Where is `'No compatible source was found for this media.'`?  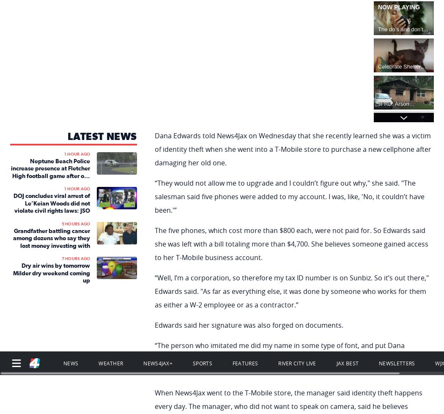 'No compatible source was found for this media.' is located at coordinates (92, 340).